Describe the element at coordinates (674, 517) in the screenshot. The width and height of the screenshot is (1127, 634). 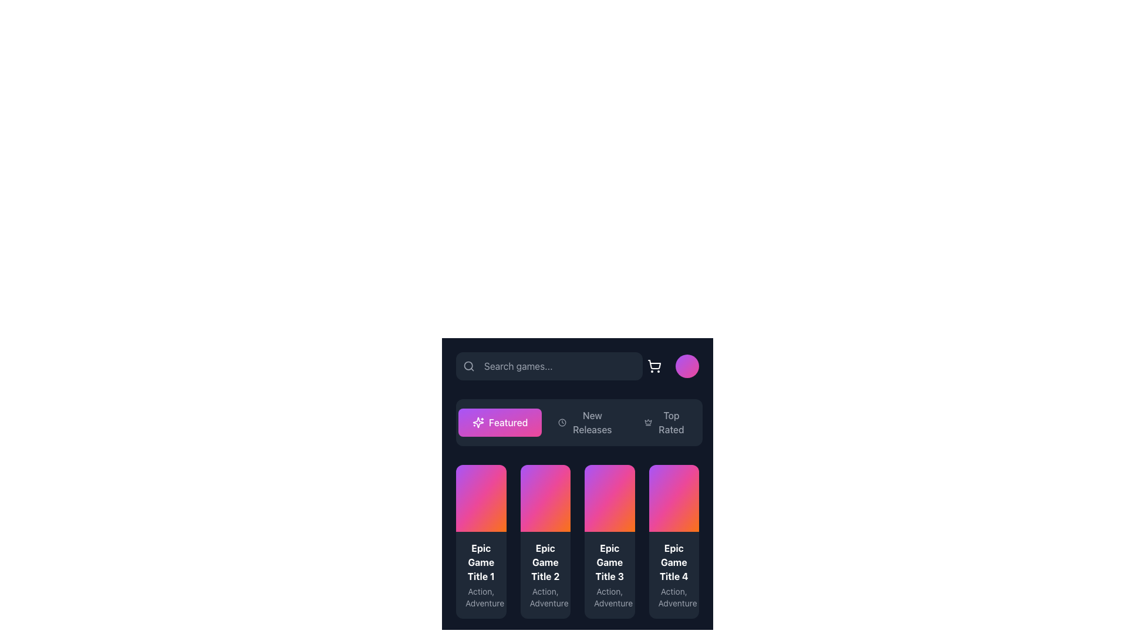
I see `properties of the Text Display element that shows the title 'Epic Game Title 4' located in the fourth card of the game list` at that location.